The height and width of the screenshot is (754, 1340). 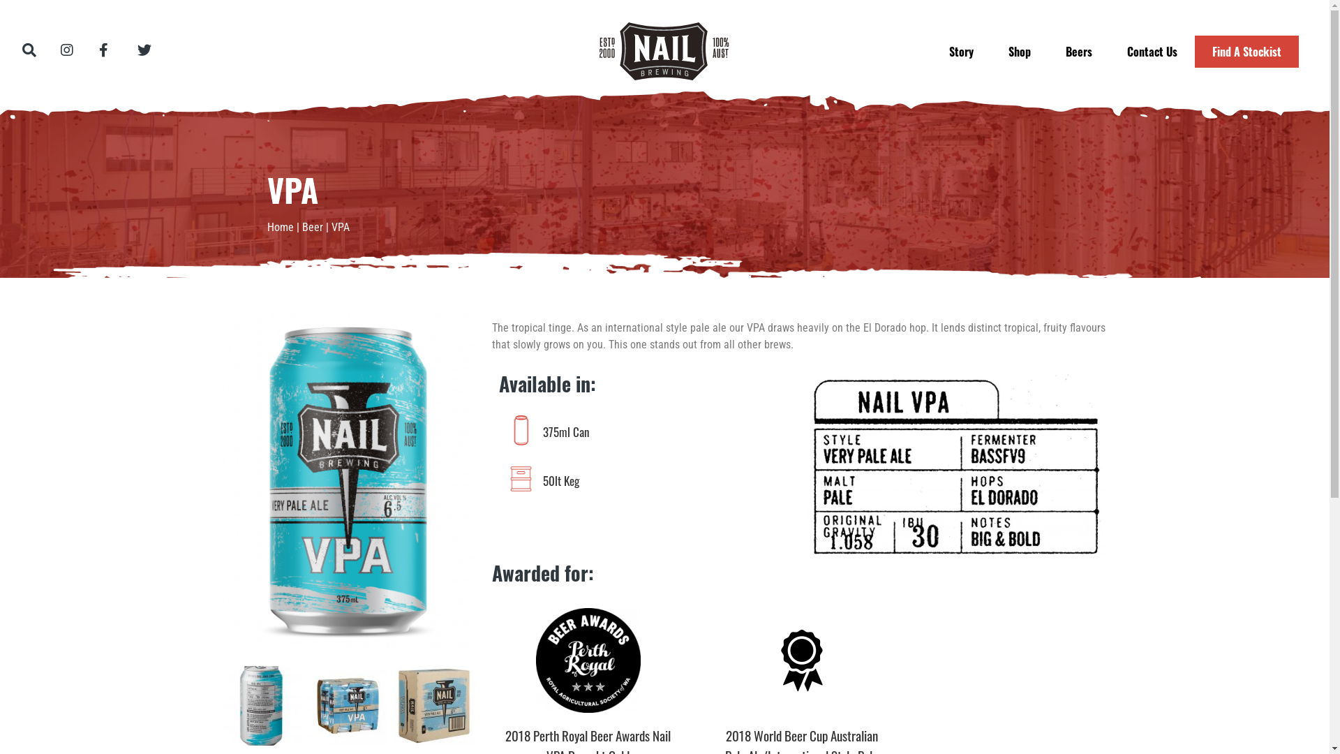 What do you see at coordinates (960, 50) in the screenshot?
I see `'Story'` at bounding box center [960, 50].